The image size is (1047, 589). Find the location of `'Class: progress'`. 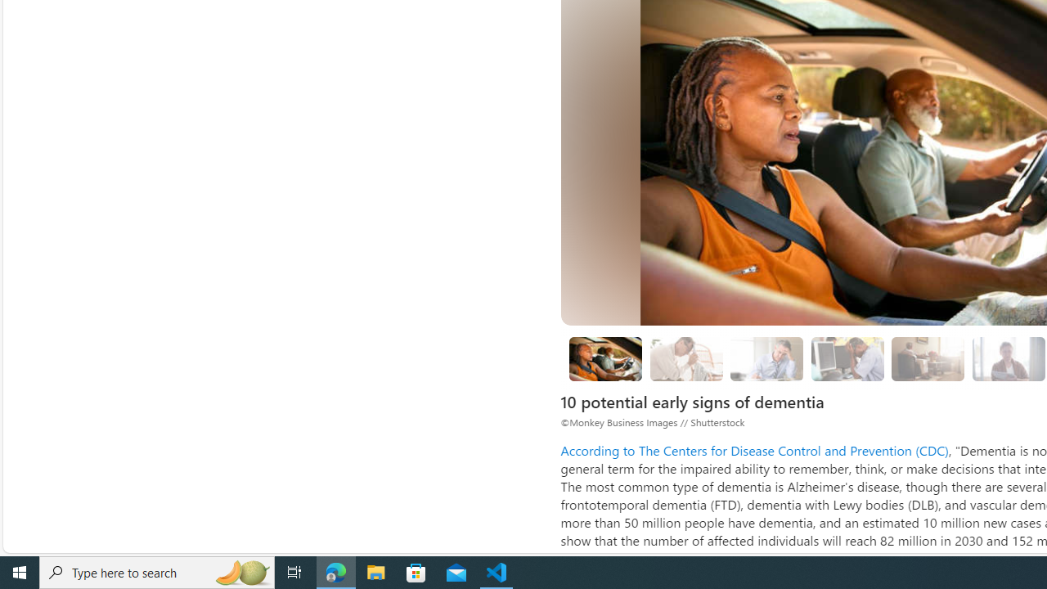

'Class: progress' is located at coordinates (928, 355).